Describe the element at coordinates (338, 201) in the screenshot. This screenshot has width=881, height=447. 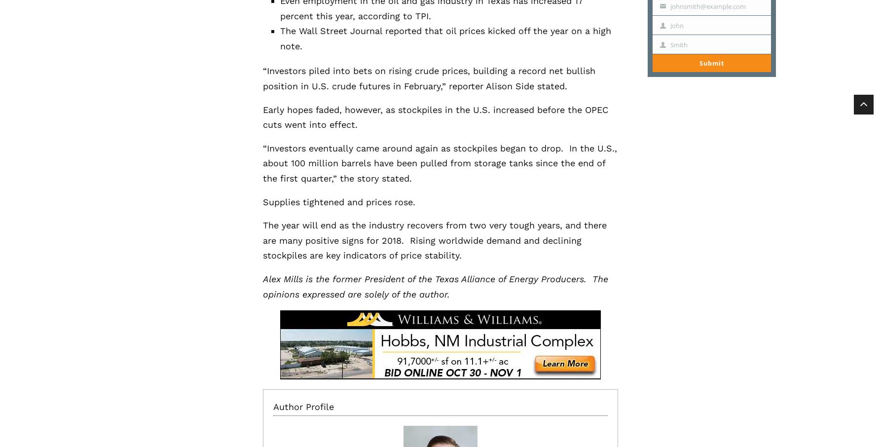
I see `'Supplies tightened and prices rose.'` at that location.